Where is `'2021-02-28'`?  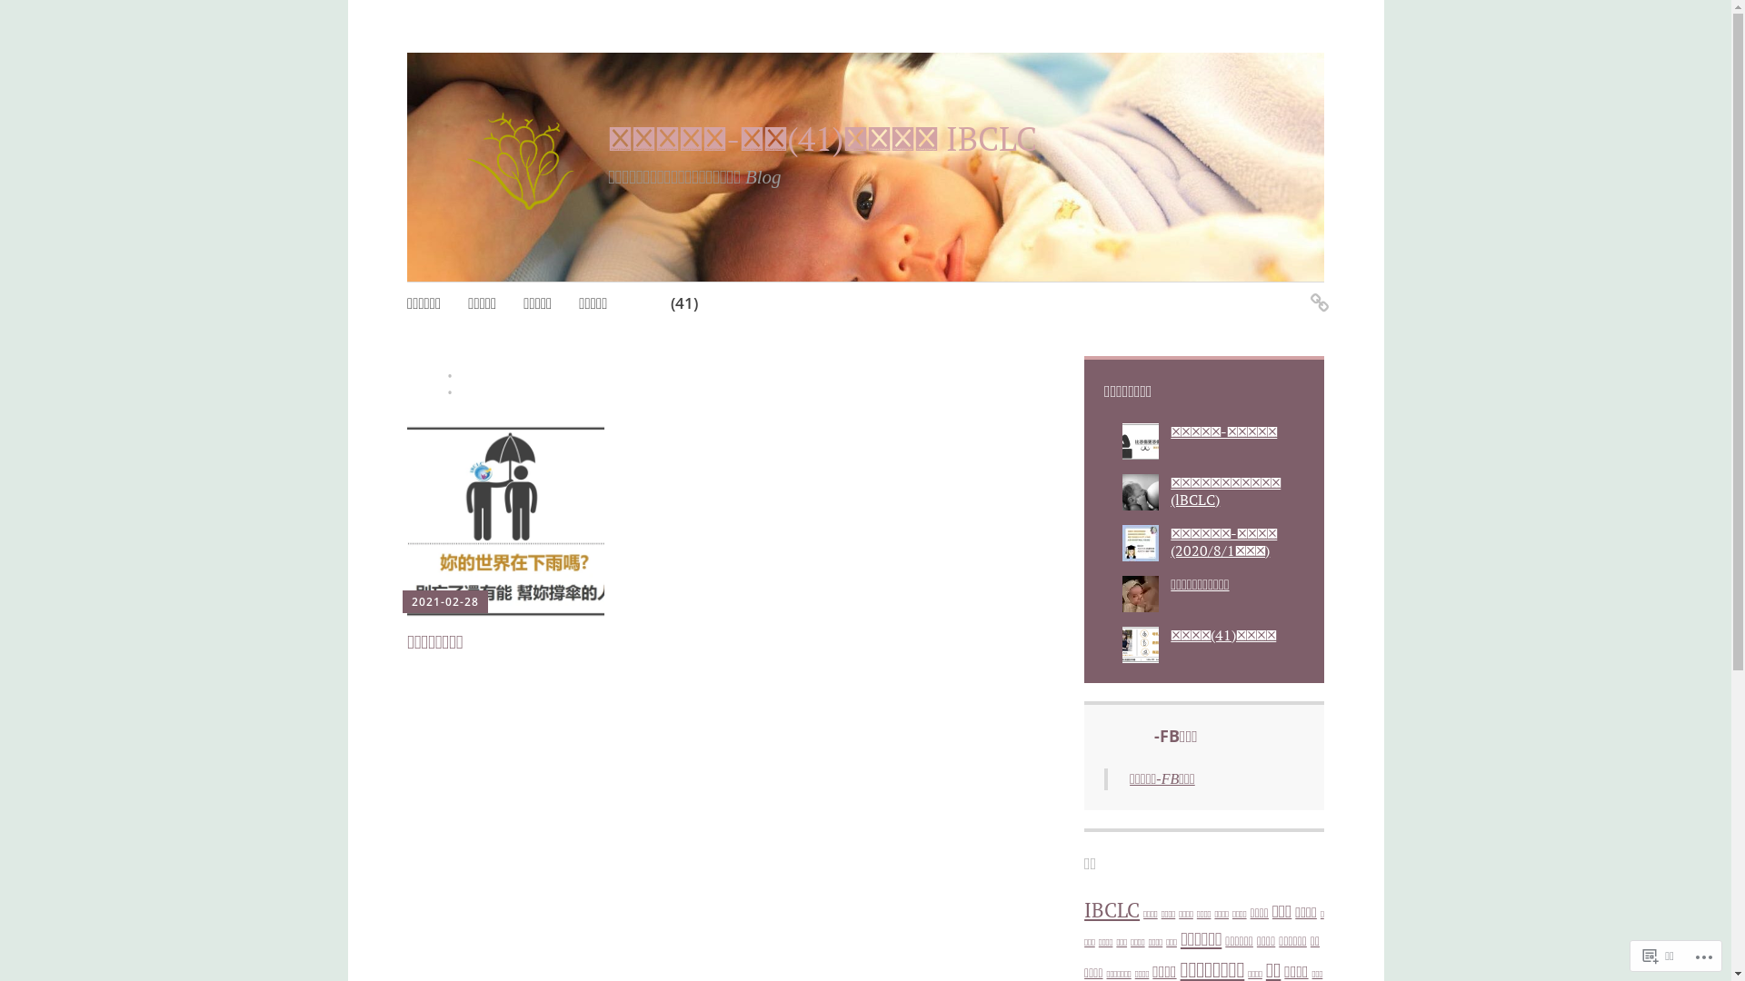 '2021-02-28' is located at coordinates (410, 601).